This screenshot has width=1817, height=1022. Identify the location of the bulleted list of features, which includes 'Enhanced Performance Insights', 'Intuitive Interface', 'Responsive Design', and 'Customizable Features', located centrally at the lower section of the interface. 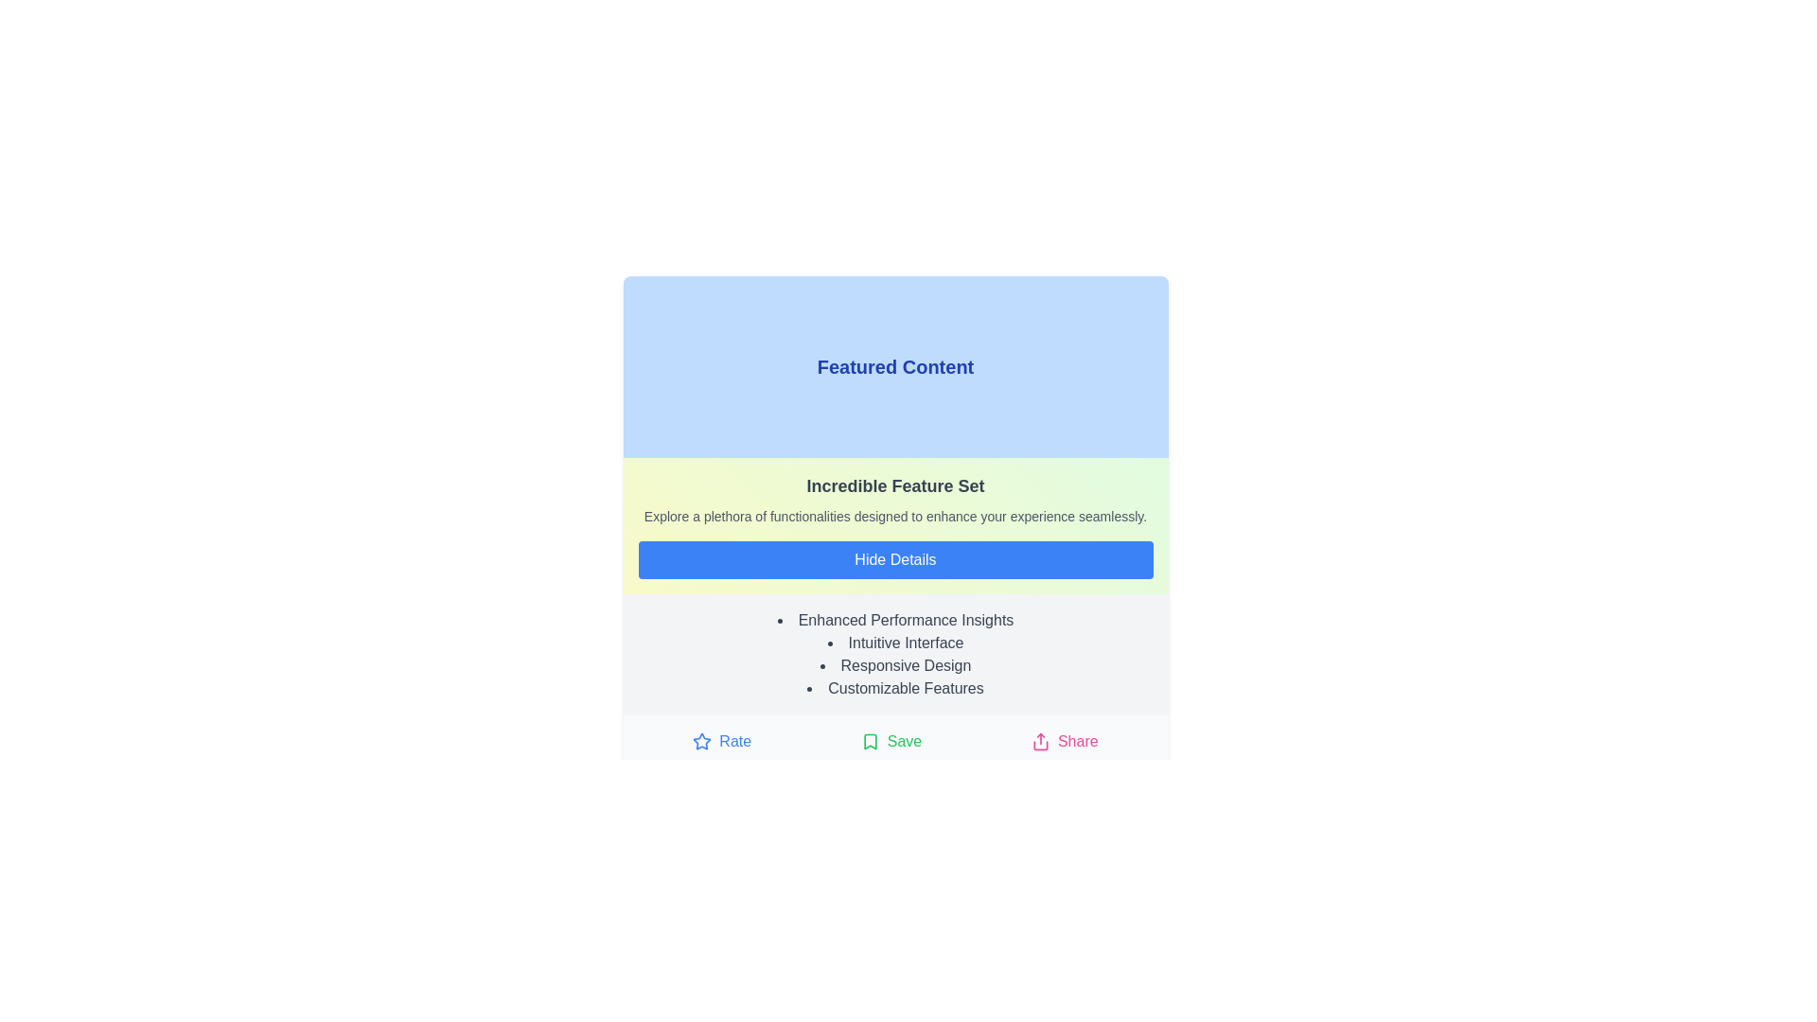
(894, 653).